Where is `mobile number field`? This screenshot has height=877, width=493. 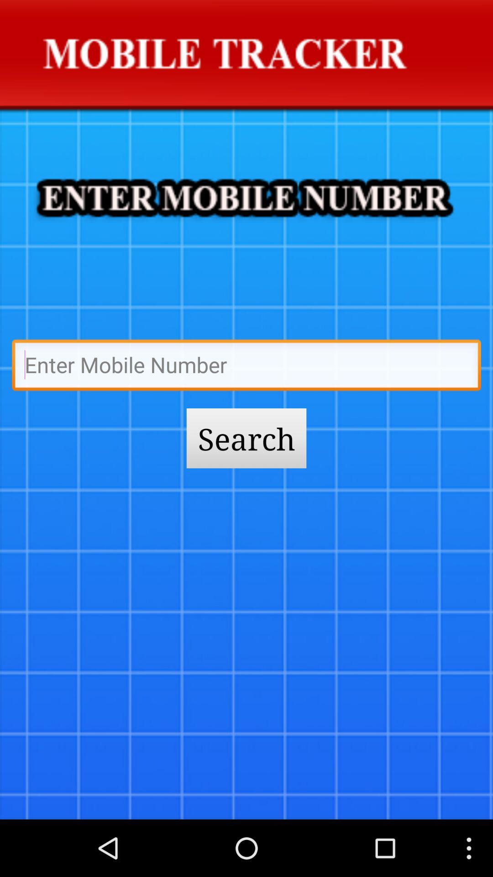
mobile number field is located at coordinates (246, 367).